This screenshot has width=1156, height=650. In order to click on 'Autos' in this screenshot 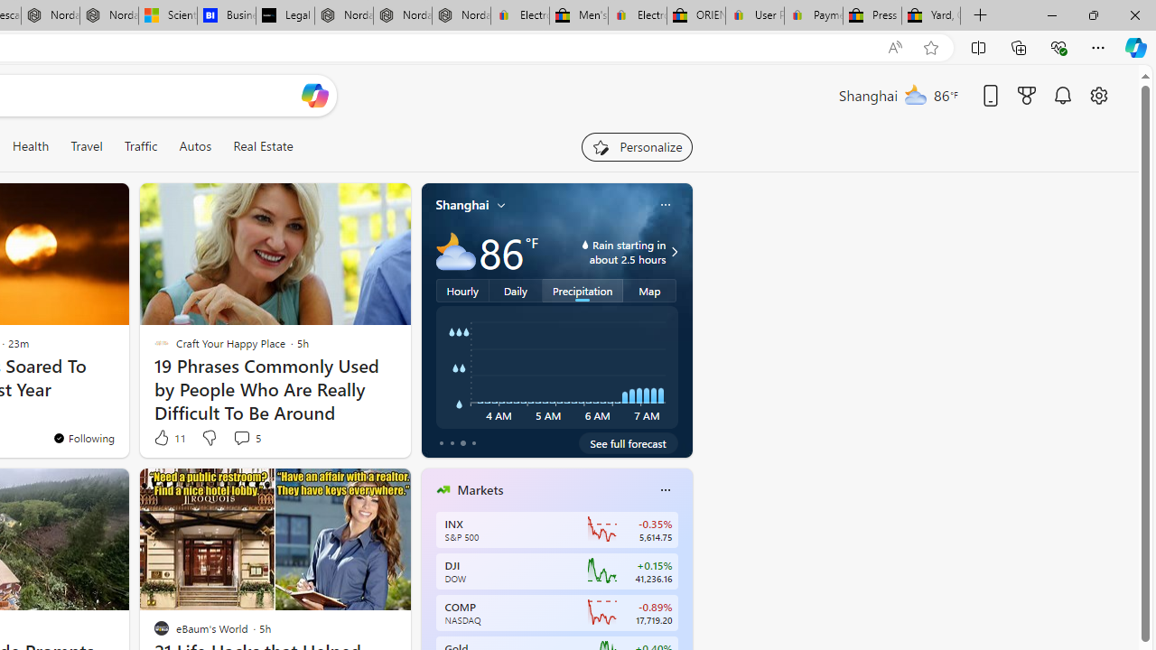, I will do `click(195, 145)`.